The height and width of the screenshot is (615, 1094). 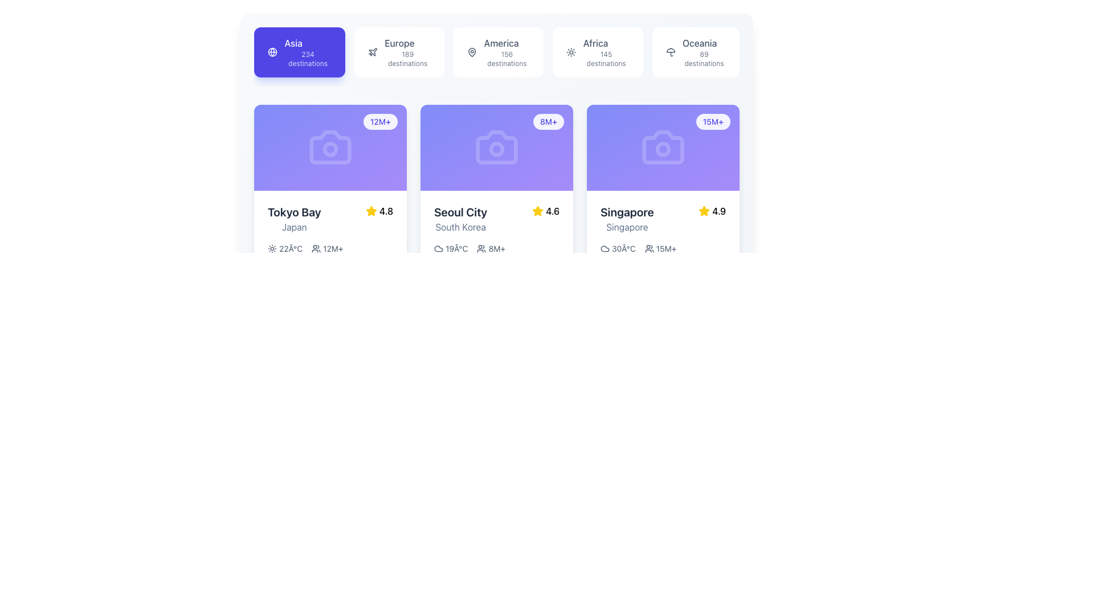 What do you see at coordinates (695, 52) in the screenshot?
I see `the Interactive button labeled 'Oceania' that features an umbrella icon and displays '89 destinations' below it` at bounding box center [695, 52].